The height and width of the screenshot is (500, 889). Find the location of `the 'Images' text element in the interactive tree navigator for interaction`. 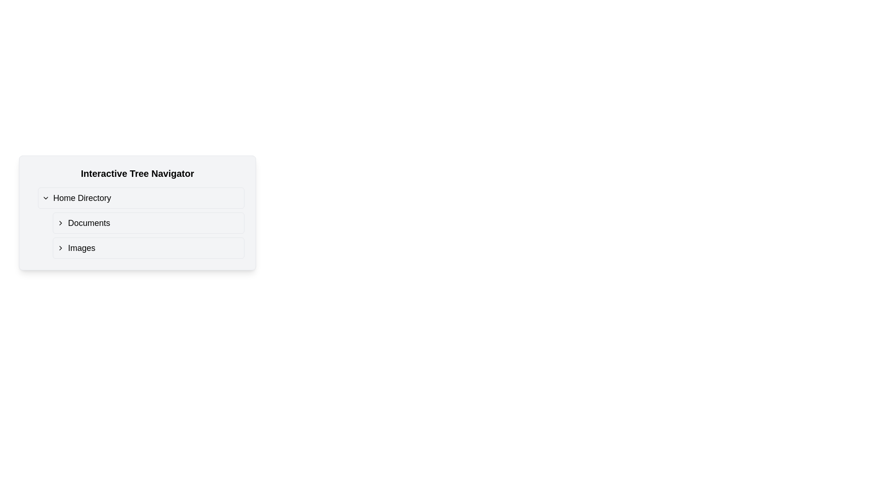

the 'Images' text element in the interactive tree navigator for interaction is located at coordinates (81, 248).